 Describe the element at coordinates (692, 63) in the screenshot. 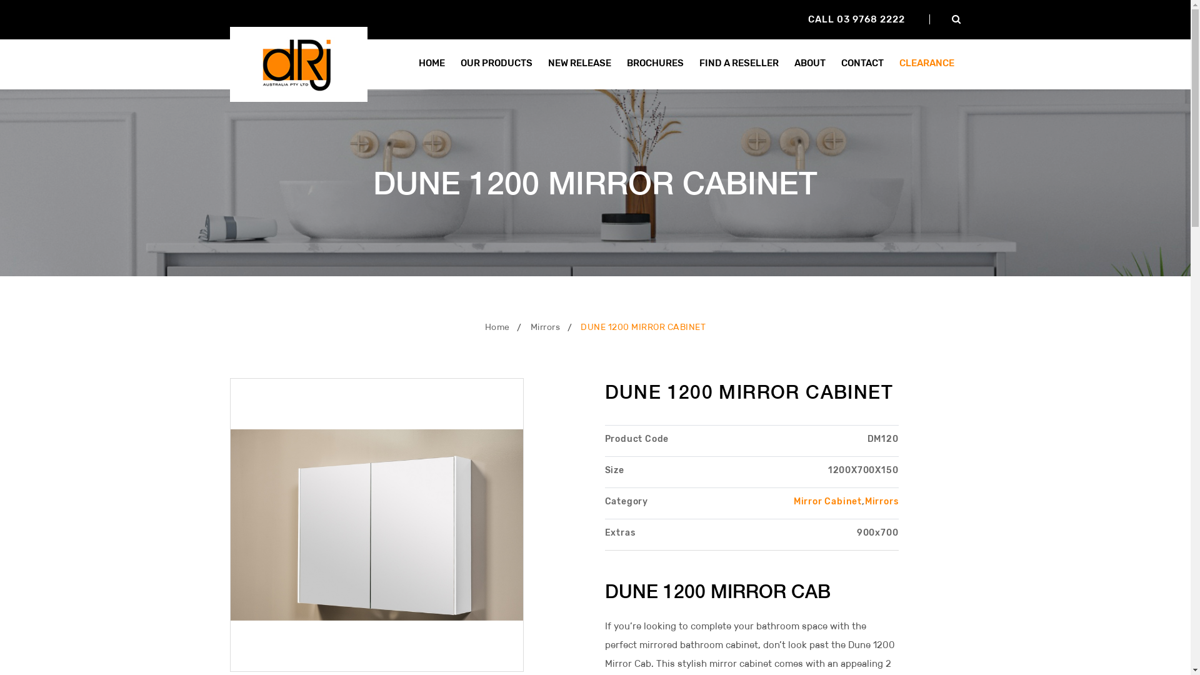

I see `'FIND A RESELLER'` at that location.